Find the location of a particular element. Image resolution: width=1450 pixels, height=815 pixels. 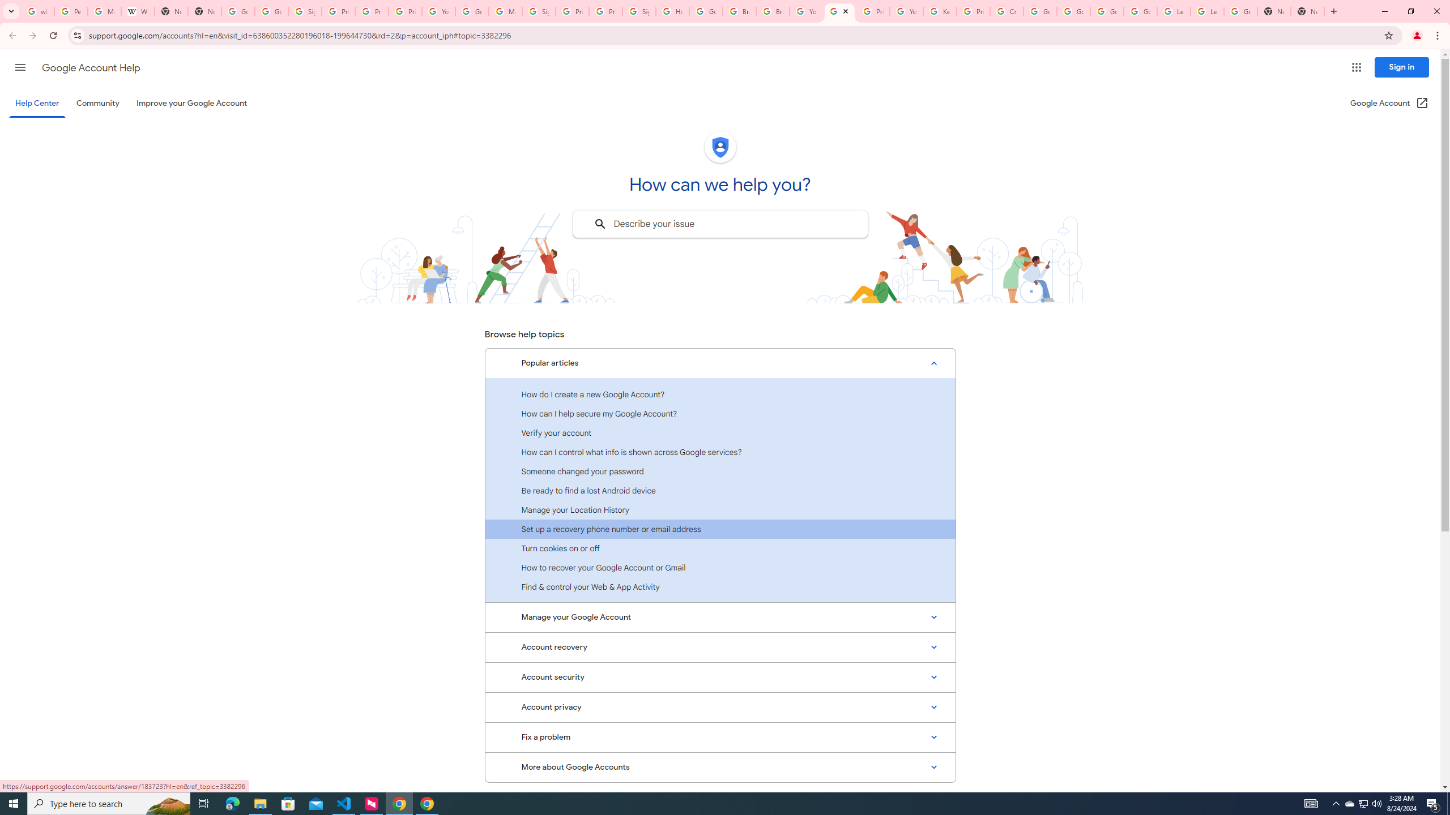

'Manage your Location History' is located at coordinates (720, 509).